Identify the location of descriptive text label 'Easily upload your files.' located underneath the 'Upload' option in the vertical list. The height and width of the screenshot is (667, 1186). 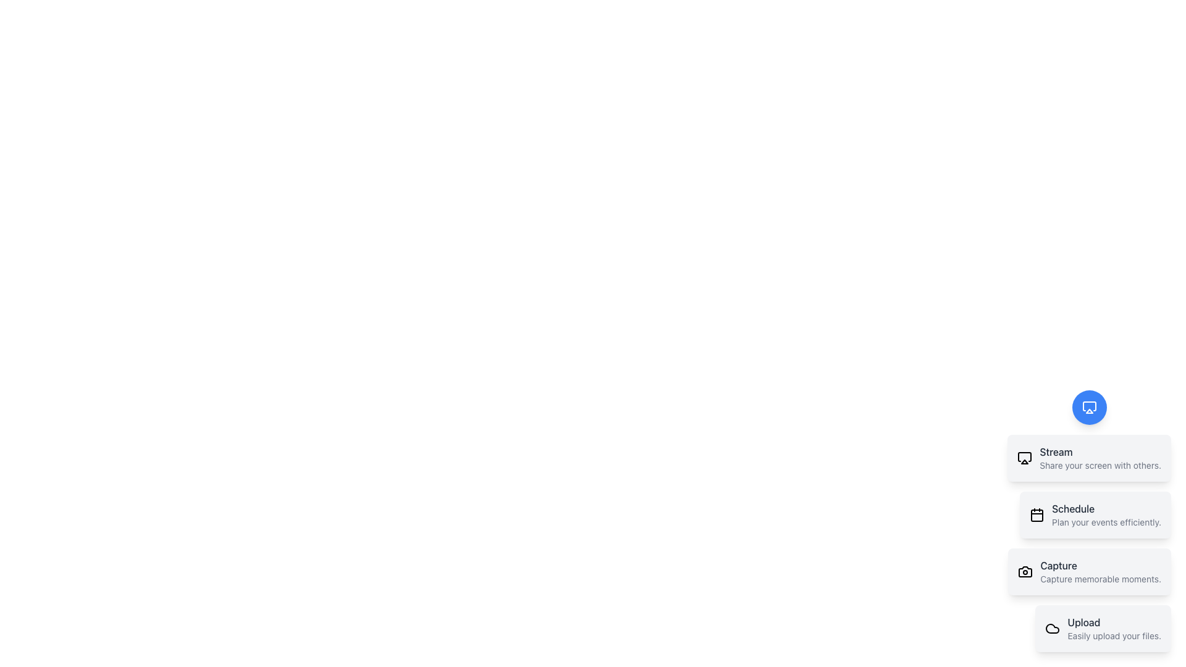
(1114, 636).